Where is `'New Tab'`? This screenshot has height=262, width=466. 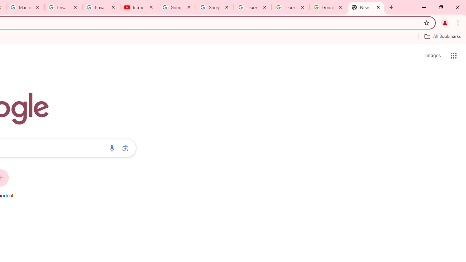
'New Tab' is located at coordinates (366, 7).